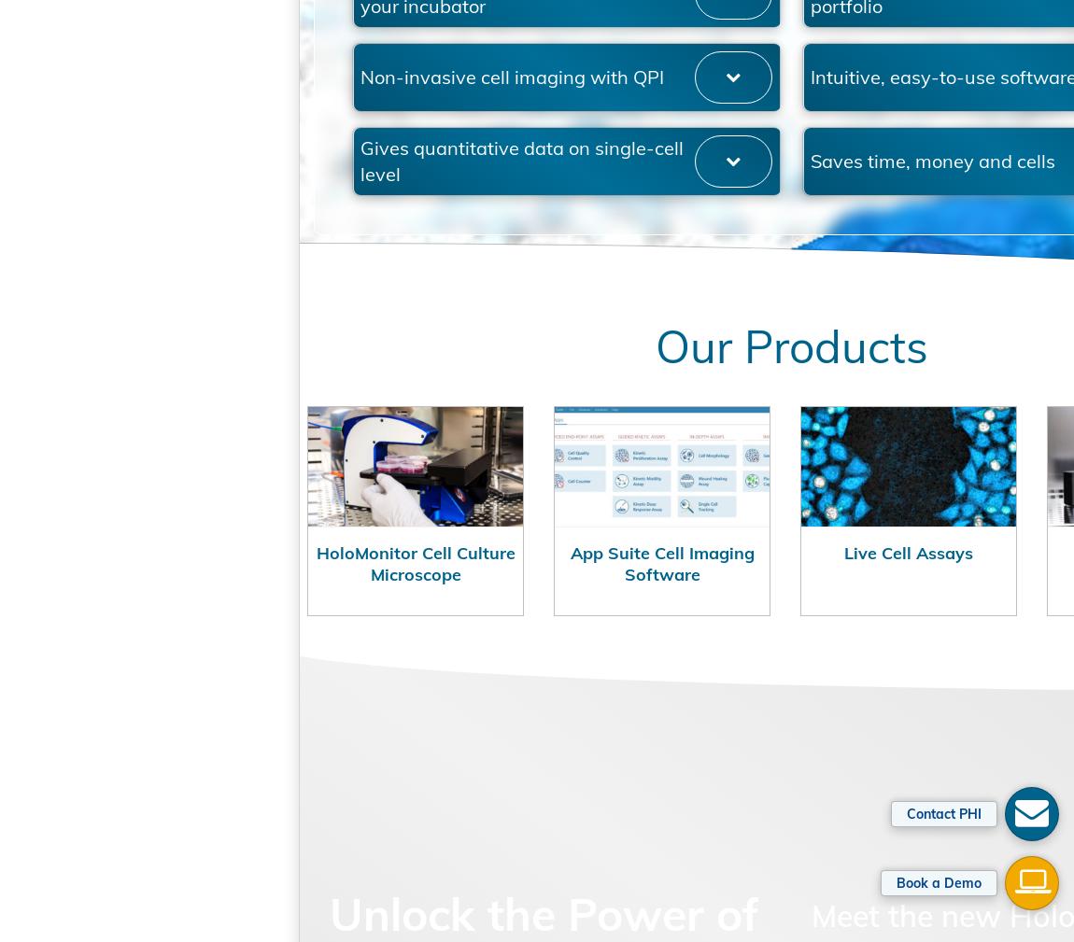 Image resolution: width=1074 pixels, height=942 pixels. I want to click on 'Powerful and wide application portfolio', so click(791, 69).